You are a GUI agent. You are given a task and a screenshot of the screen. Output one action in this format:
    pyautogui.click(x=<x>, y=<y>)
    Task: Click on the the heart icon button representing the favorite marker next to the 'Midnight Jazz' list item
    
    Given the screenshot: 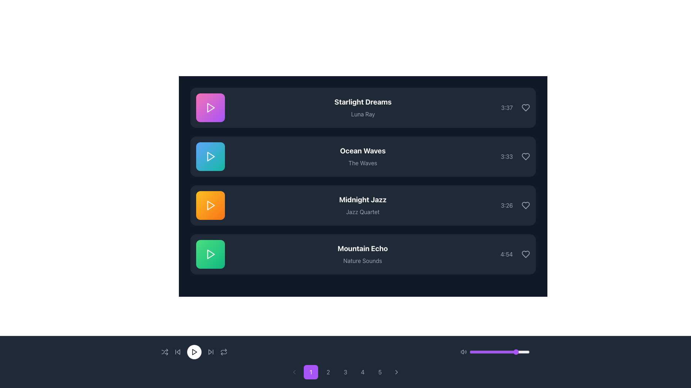 What is the action you would take?
    pyautogui.click(x=525, y=205)
    